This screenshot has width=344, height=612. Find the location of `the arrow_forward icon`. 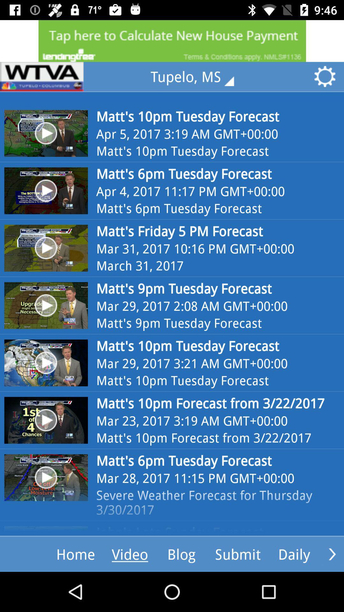

the arrow_forward icon is located at coordinates (332, 554).